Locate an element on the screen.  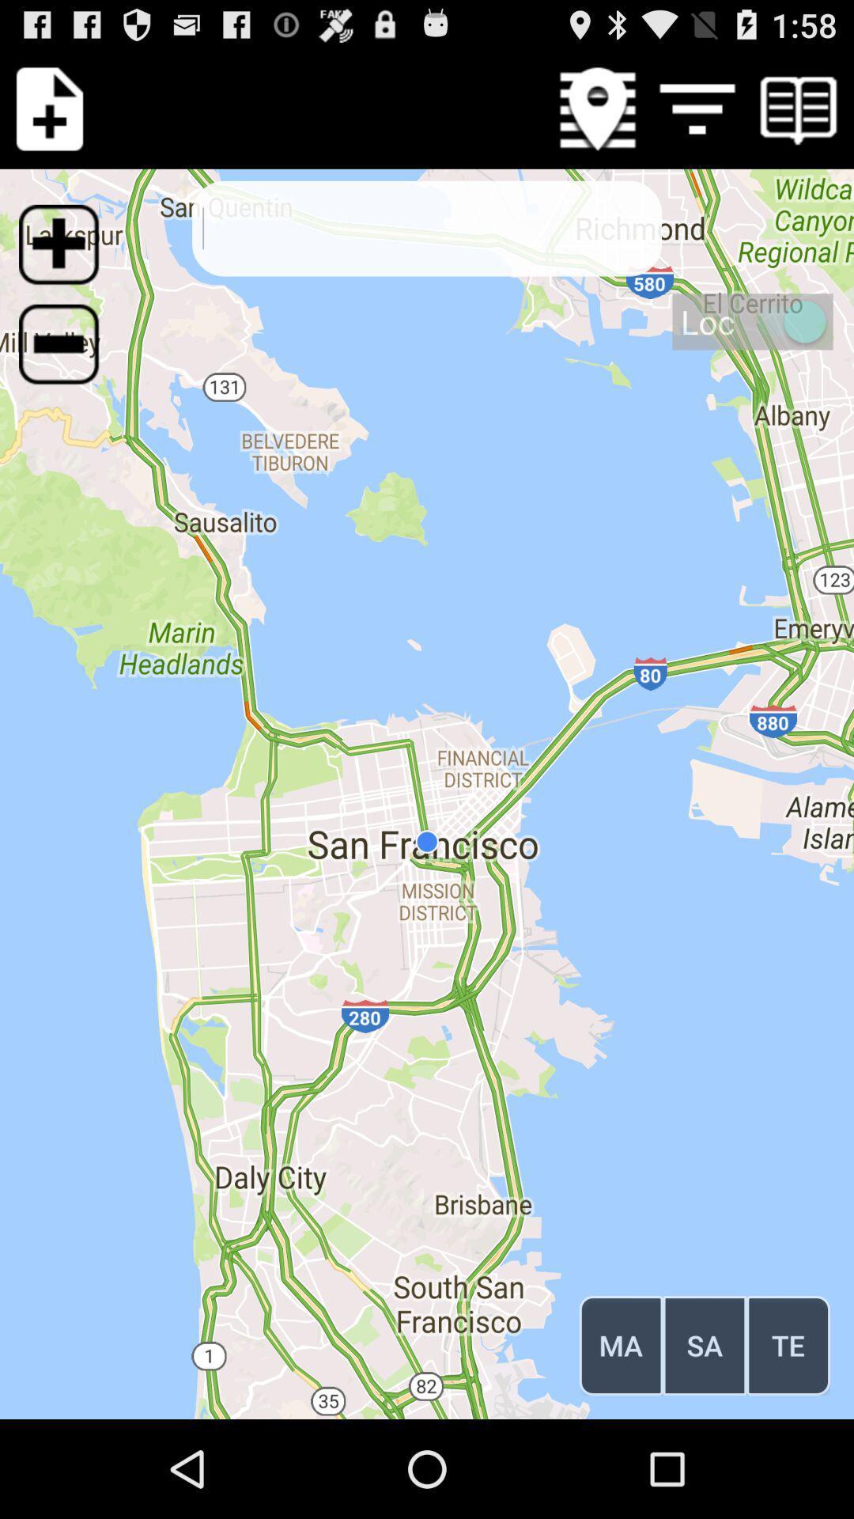
ma item is located at coordinates (620, 1344).